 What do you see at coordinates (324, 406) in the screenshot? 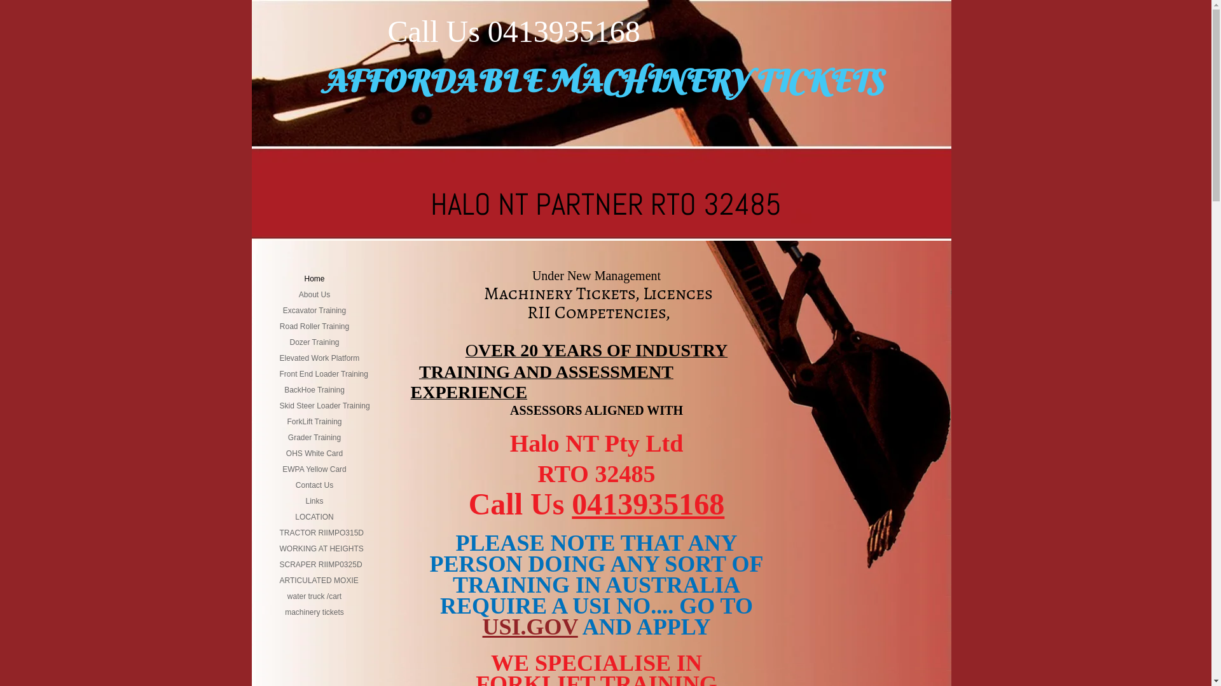
I see `'Skid Steer Loader Training'` at bounding box center [324, 406].